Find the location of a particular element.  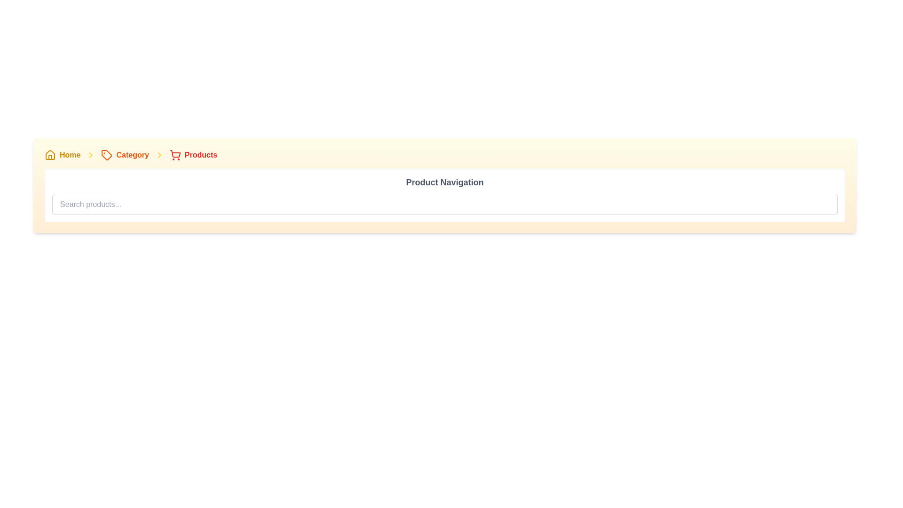

the non-interactive icon in the breadcrumb navigation, located between the 'Category' and 'Products' labels is located at coordinates (159, 155).